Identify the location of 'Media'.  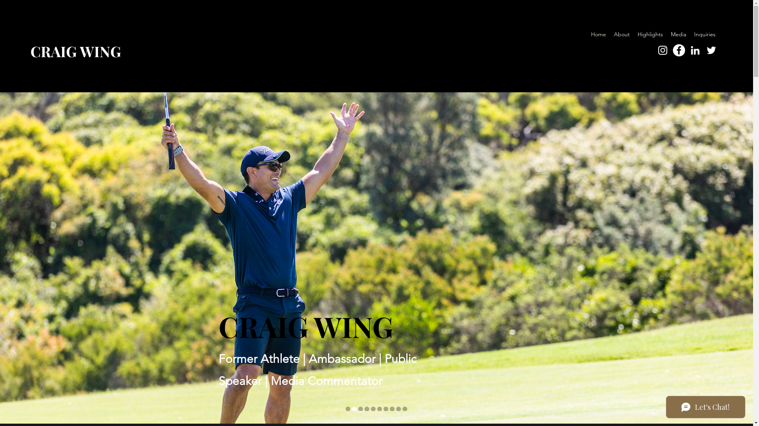
(678, 34).